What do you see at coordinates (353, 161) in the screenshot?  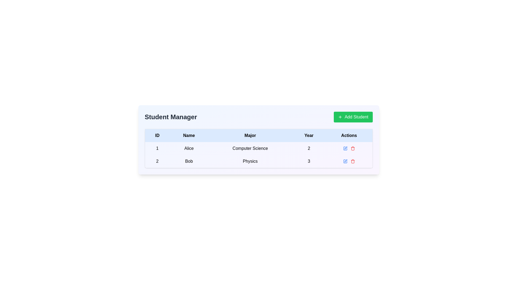 I see `the delete icon in the 'Actions' column of the second row in the 'Student Manager' table to change its color` at bounding box center [353, 161].